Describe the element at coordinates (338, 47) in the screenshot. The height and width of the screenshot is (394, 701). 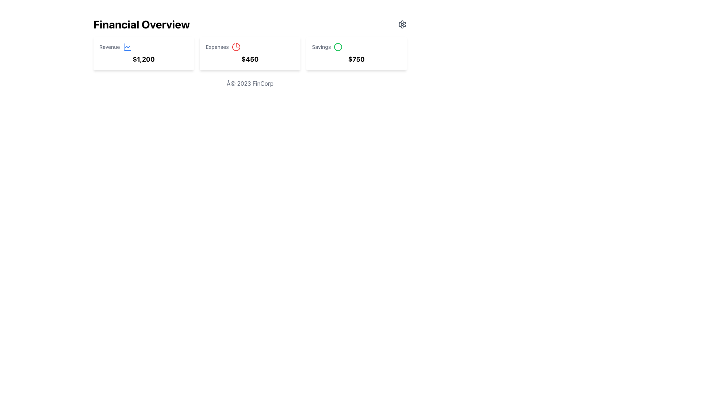
I see `the green circular icon located to the right of the 'Savings' label in the top-right section of the interface` at that location.